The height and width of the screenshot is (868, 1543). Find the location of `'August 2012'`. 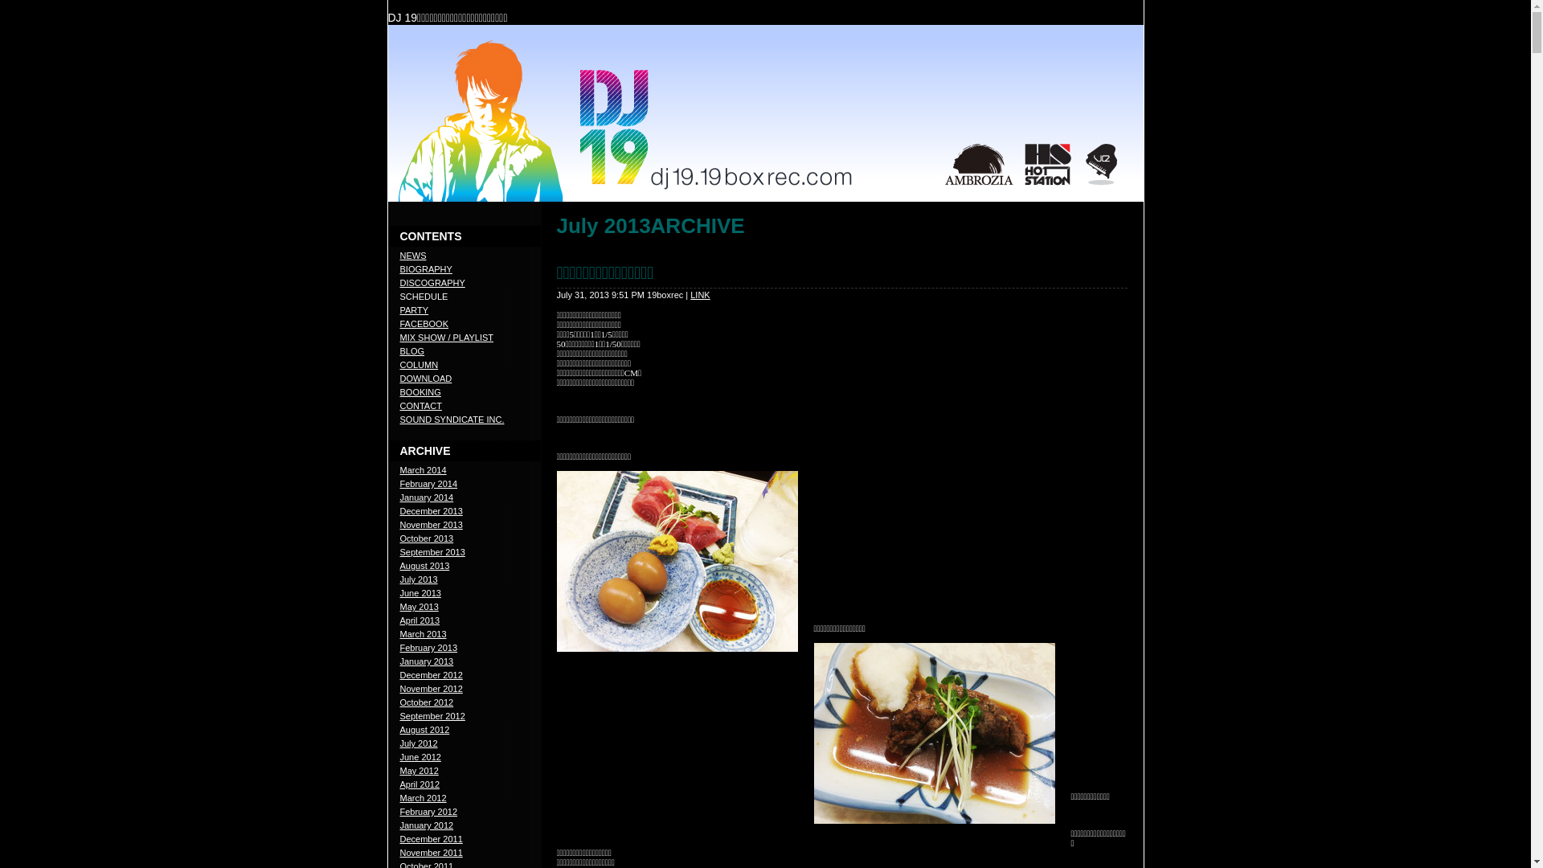

'August 2012' is located at coordinates (400, 729).